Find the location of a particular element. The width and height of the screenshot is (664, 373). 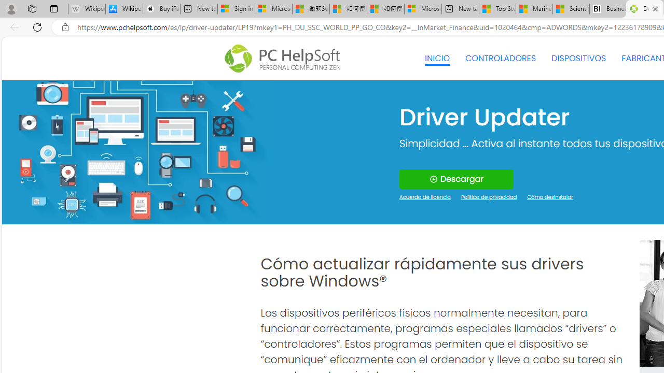

'Acuerdo de licencia' is located at coordinates (425, 197).